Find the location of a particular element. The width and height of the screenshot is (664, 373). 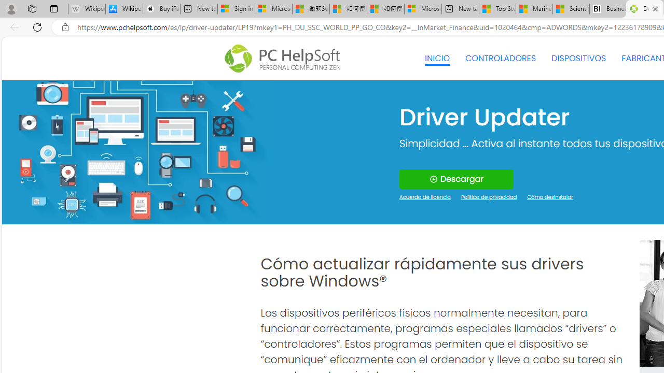

'Acuerdo de licencia' is located at coordinates (425, 197).